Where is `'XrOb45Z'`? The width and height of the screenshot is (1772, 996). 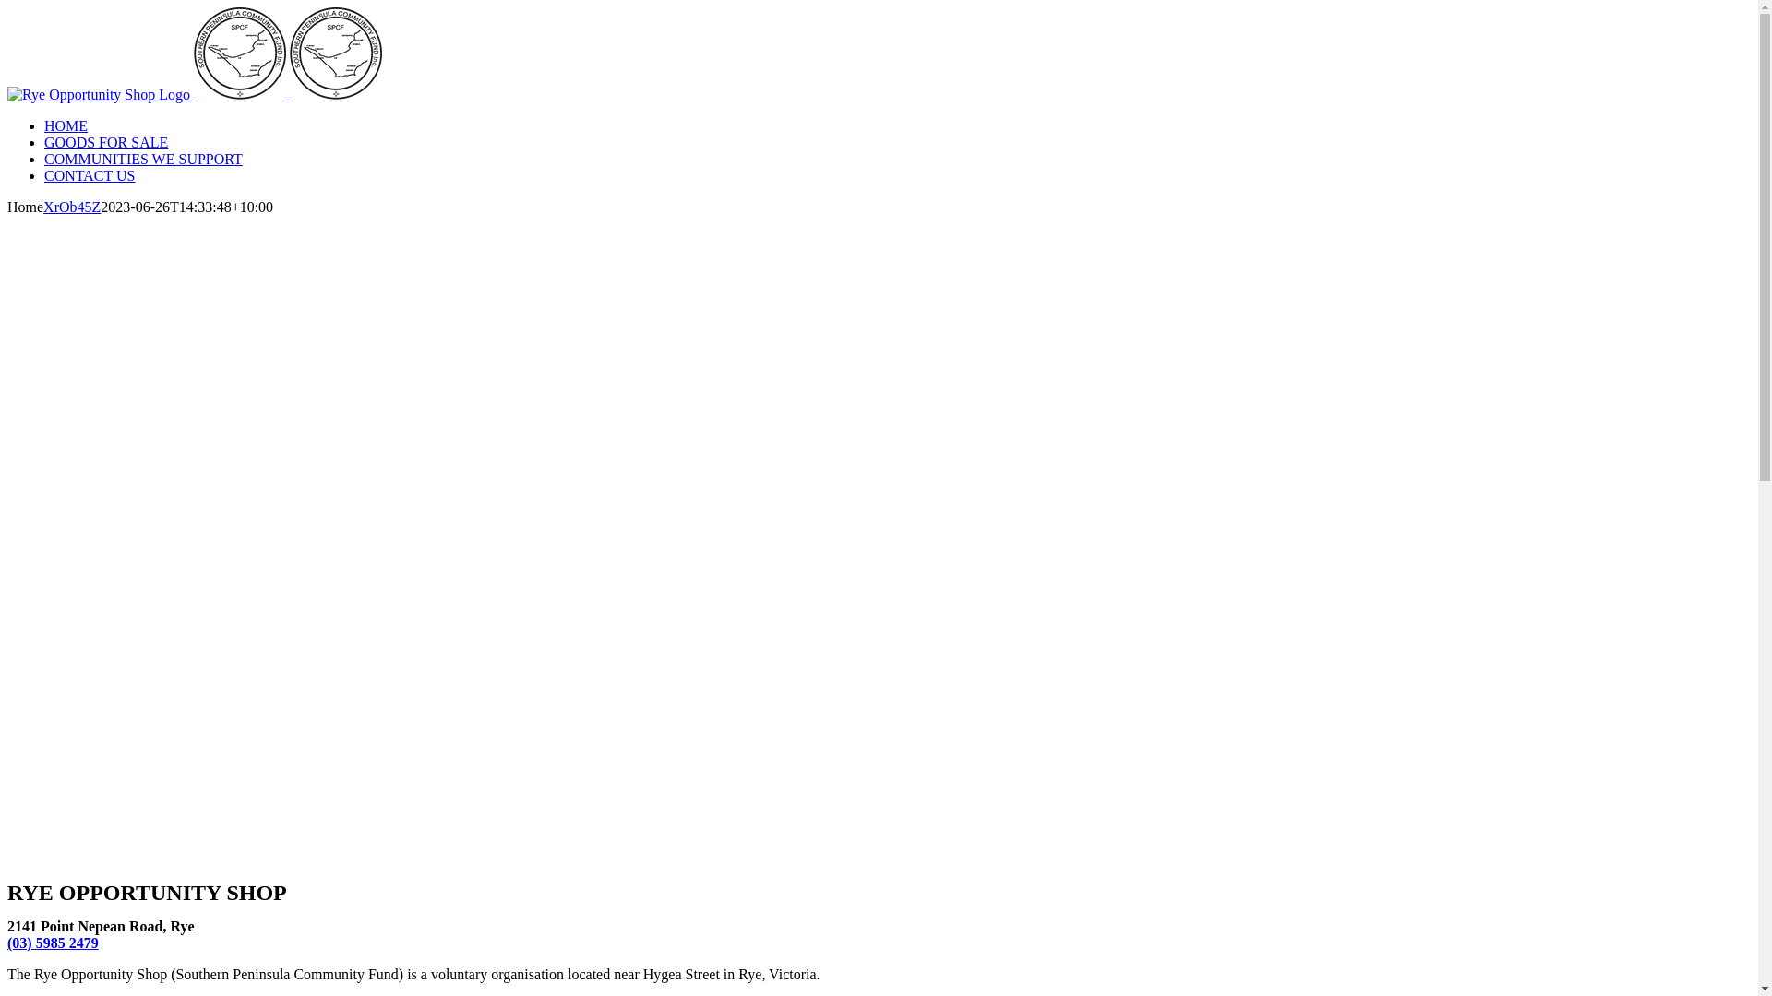 'XrOb45Z' is located at coordinates (71, 207).